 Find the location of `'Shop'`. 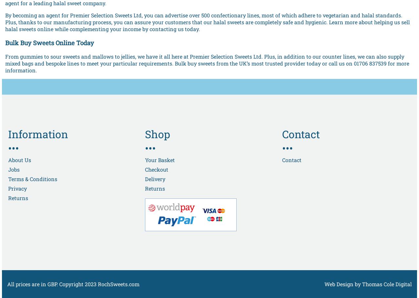

'Shop' is located at coordinates (157, 133).